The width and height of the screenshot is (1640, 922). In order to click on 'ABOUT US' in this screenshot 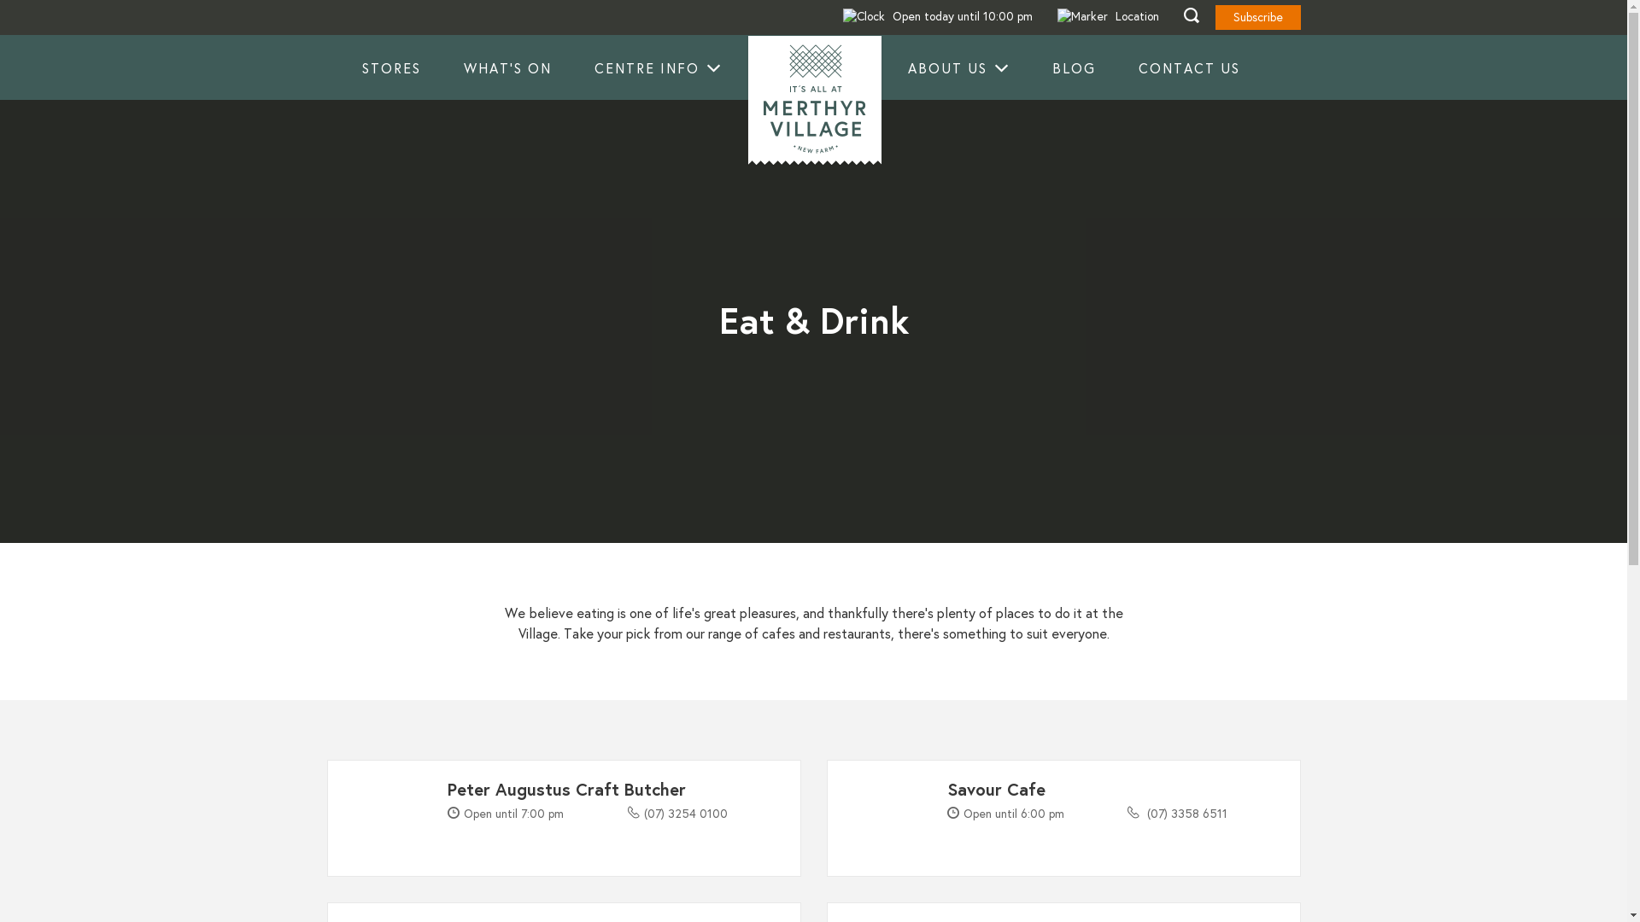, I will do `click(905, 67)`.